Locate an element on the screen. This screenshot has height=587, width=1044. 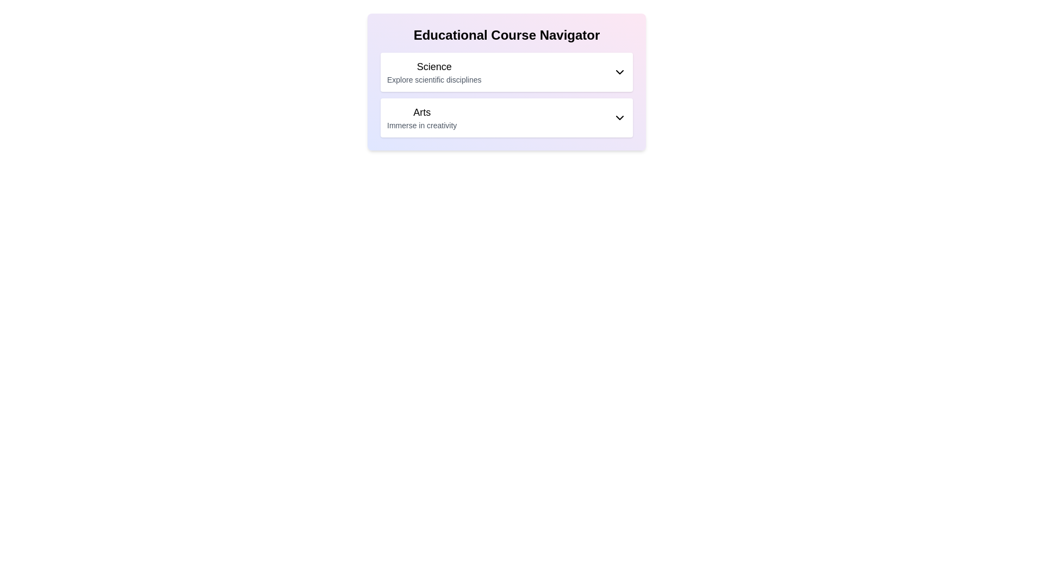
the category title for the 'Arts' section is located at coordinates (421, 117).